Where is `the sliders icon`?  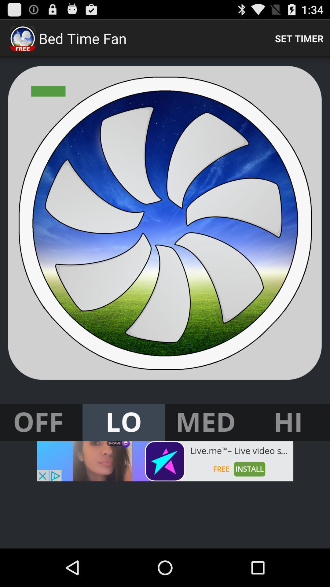
the sliders icon is located at coordinates (206, 452).